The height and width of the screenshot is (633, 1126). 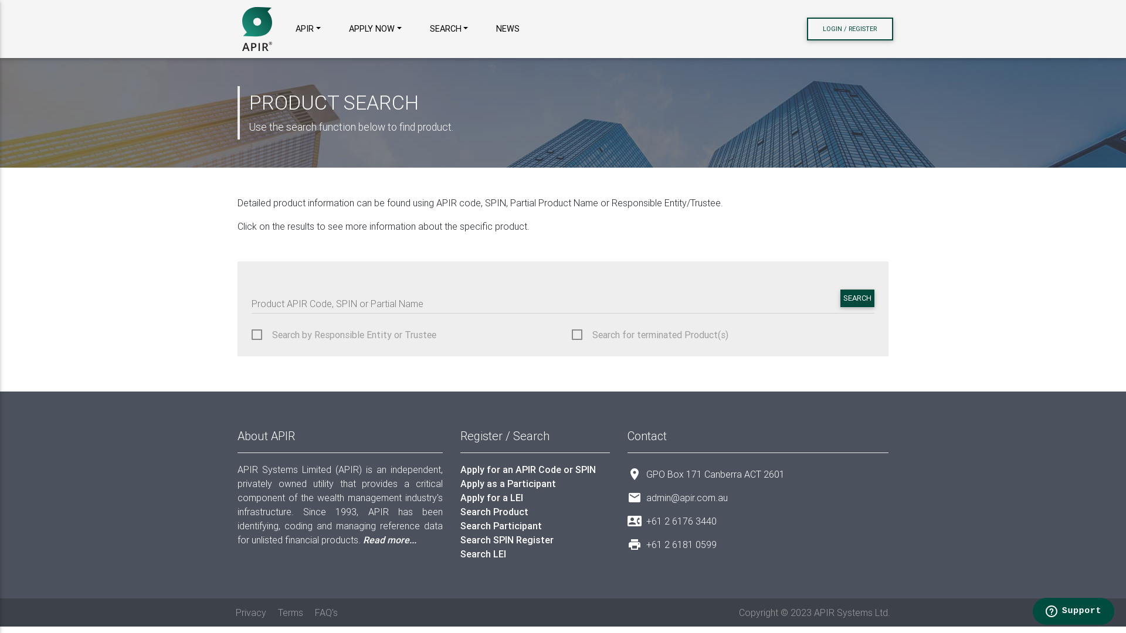 What do you see at coordinates (534, 540) in the screenshot?
I see `'Search SPIN Register'` at bounding box center [534, 540].